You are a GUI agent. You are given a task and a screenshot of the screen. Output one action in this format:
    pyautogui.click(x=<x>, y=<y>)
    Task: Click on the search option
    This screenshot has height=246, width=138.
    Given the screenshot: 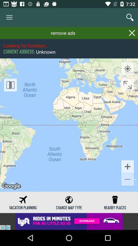 What is the action you would take?
    pyautogui.click(x=130, y=17)
    